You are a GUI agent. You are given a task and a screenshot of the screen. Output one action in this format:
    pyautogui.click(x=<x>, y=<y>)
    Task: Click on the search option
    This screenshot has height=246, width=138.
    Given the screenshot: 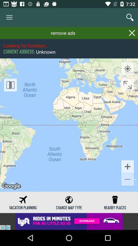 What is the action you would take?
    pyautogui.click(x=130, y=17)
    